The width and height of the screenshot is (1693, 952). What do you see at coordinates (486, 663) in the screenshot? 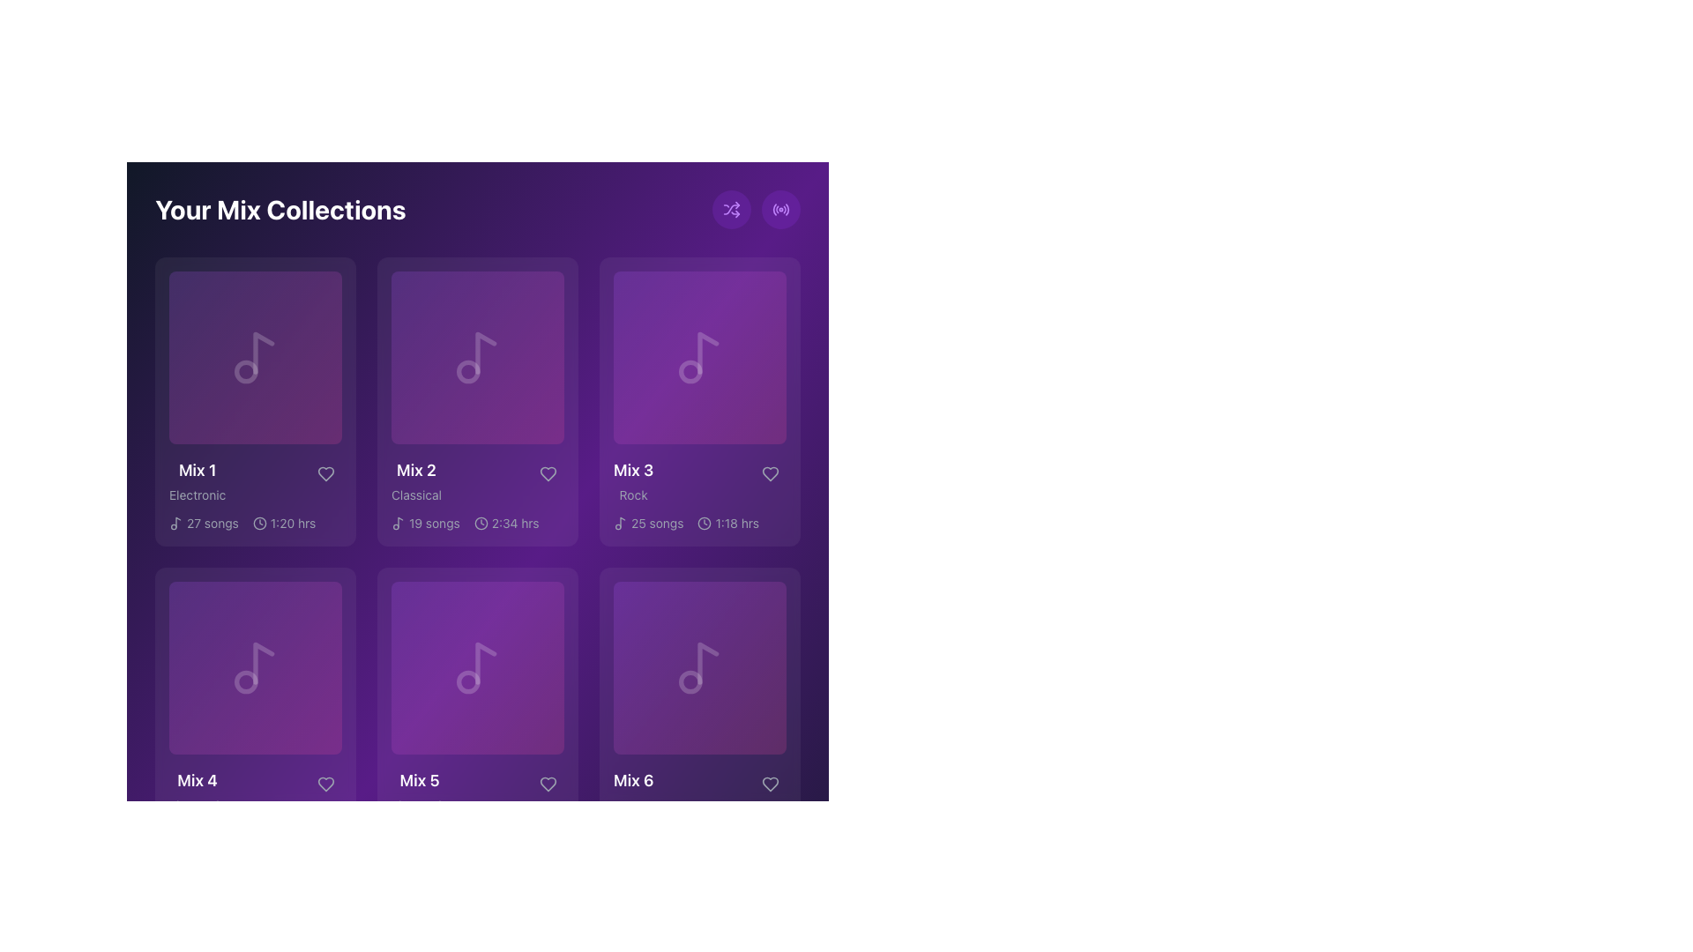
I see `the decorative icon representing 'Mix 5'` at bounding box center [486, 663].